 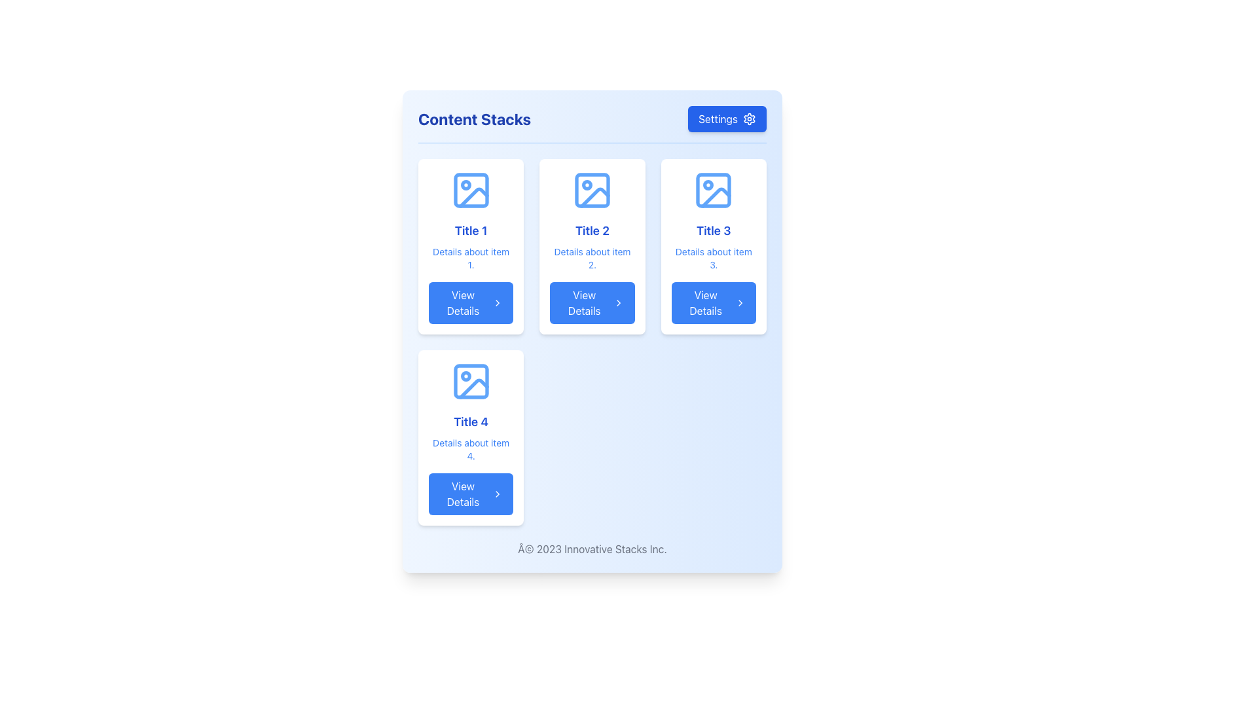 What do you see at coordinates (471, 258) in the screenshot?
I see `the descriptive text label located in the top-left card of the grid layout, which is positioned below the title 'Title 1' and above the 'View Details' button` at bounding box center [471, 258].